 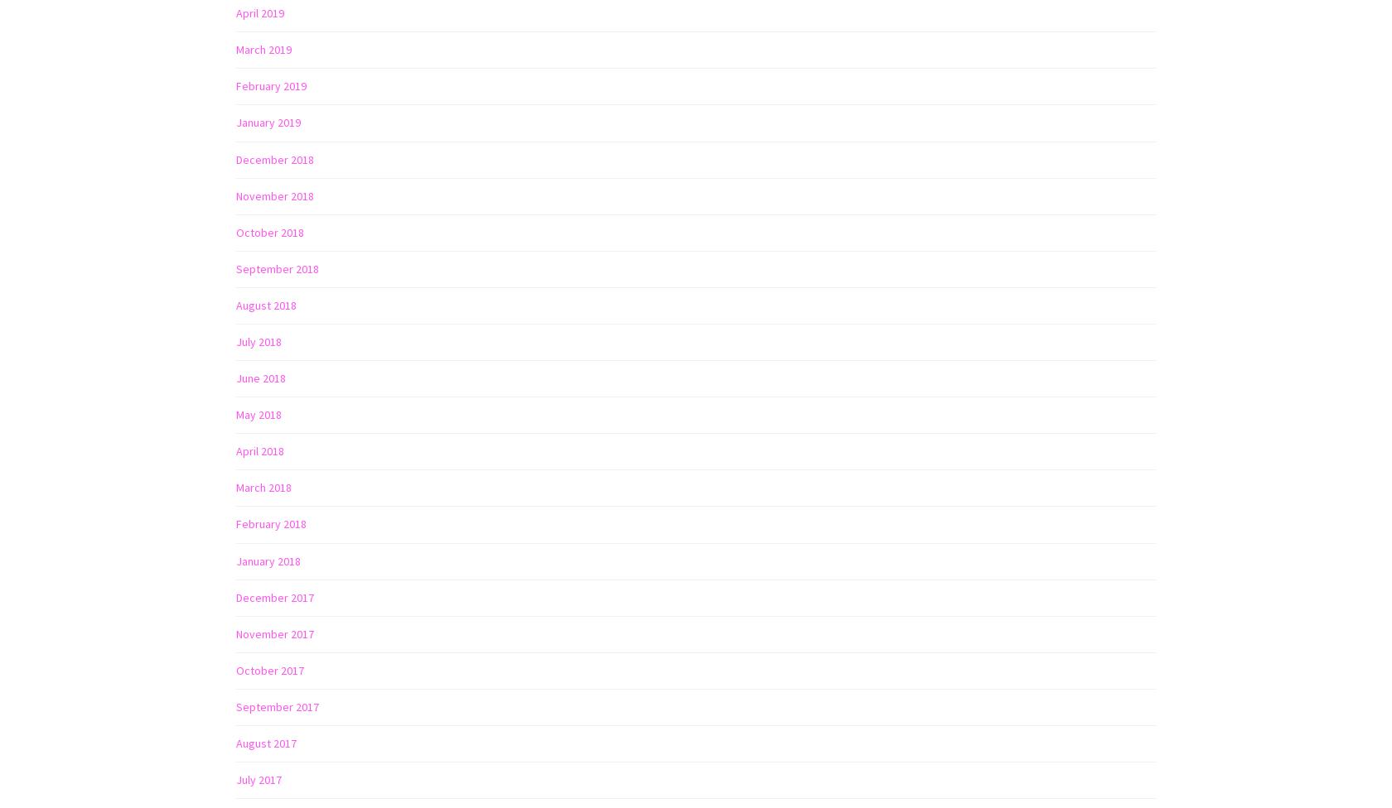 I want to click on 'July 2018', so click(x=259, y=341).